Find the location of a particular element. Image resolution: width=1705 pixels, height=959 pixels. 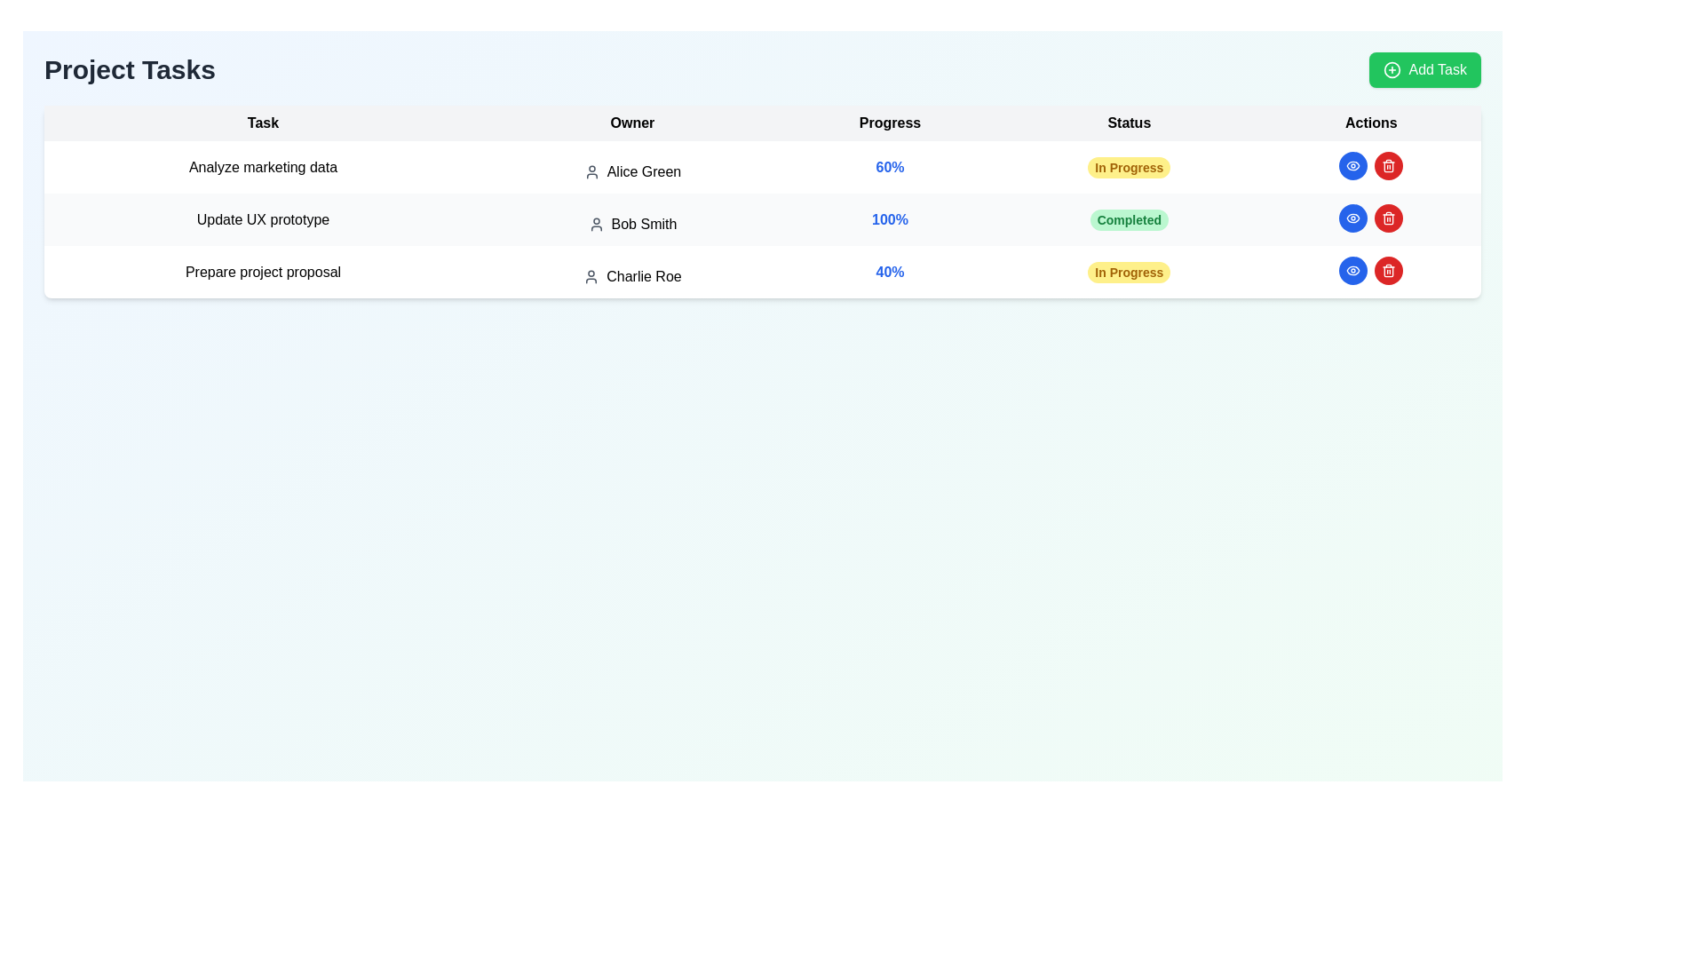

the red delete button in the actions column of the table for the task titled 'Update UX prototype' to initiate task deletion is located at coordinates (1388, 218).